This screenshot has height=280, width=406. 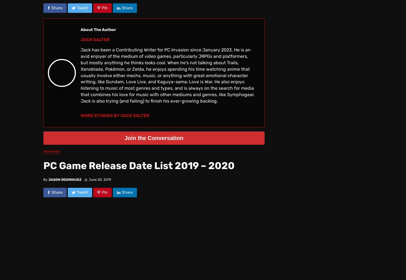 I want to click on 'Jason Rodriguez', so click(x=65, y=179).